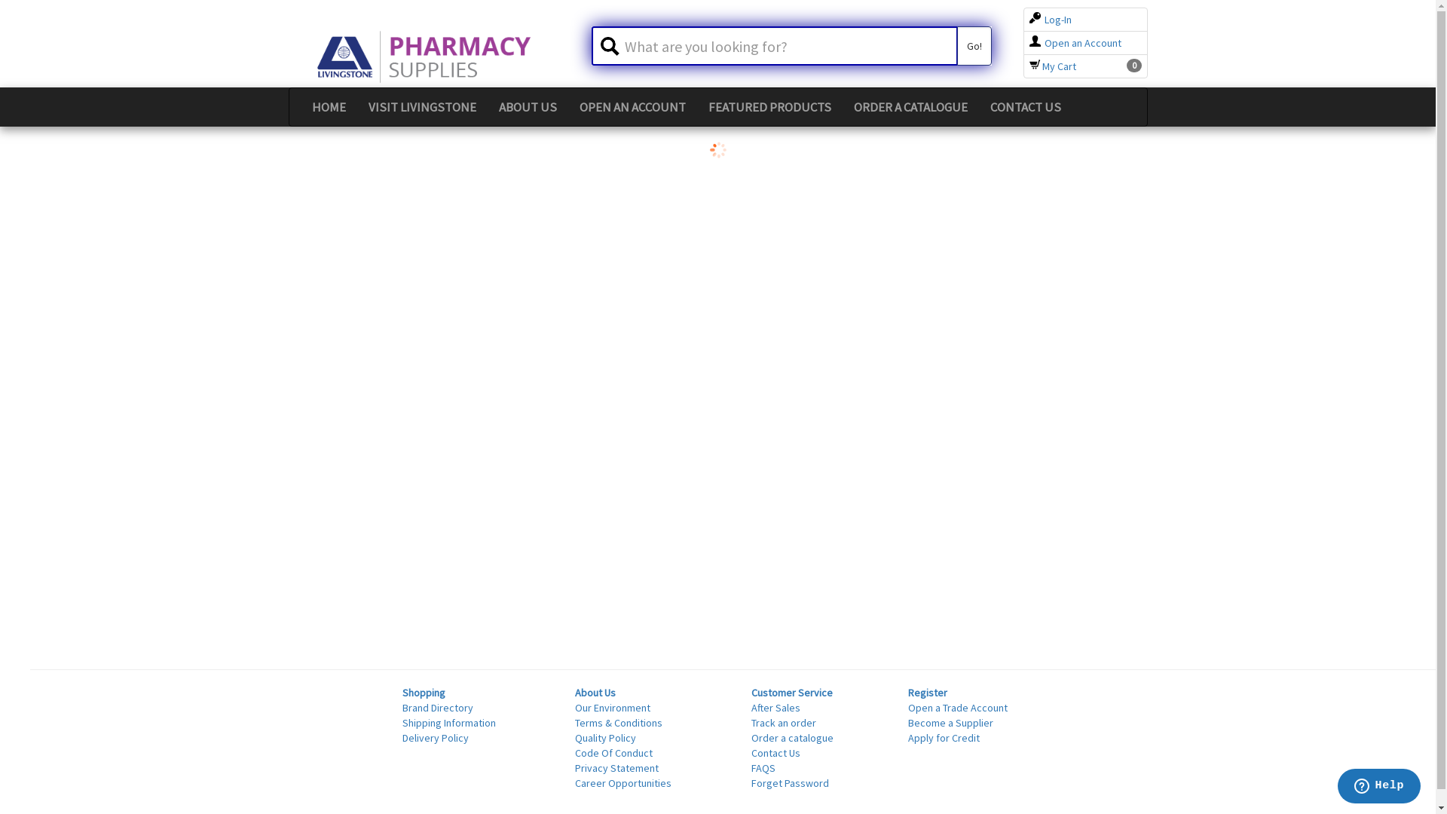  I want to click on 'Contact Us', so click(776, 753).